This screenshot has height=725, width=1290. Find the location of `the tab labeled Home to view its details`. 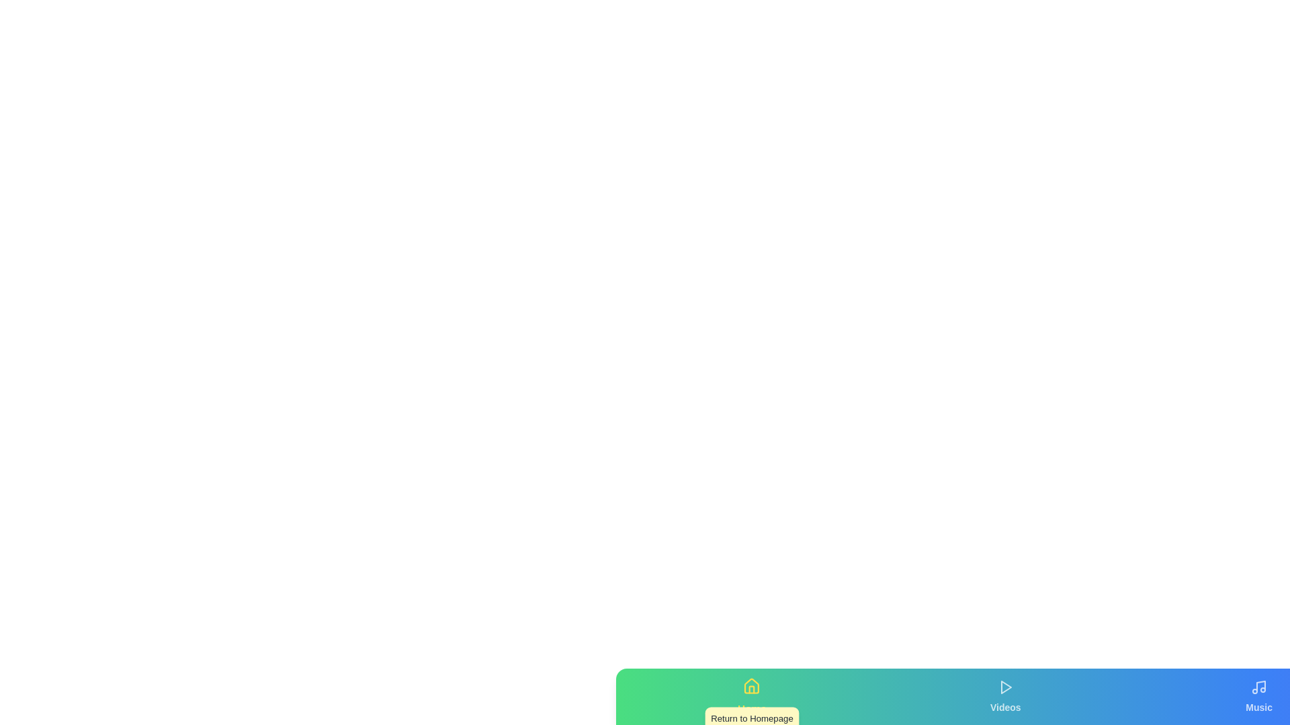

the tab labeled Home to view its details is located at coordinates (751, 695).